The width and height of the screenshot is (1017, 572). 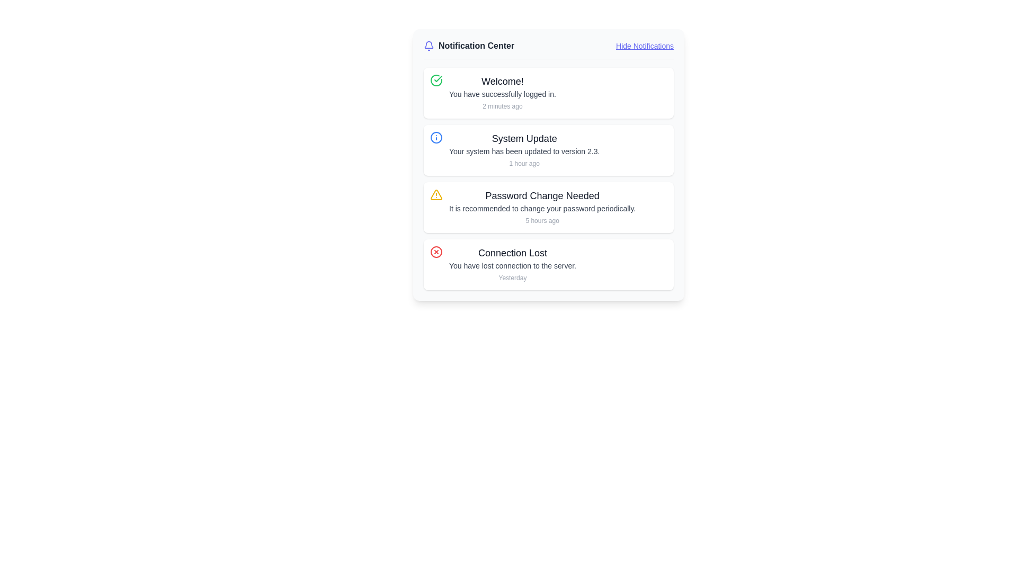 I want to click on the 'Connection Lost' notification text block, so click(x=513, y=264).